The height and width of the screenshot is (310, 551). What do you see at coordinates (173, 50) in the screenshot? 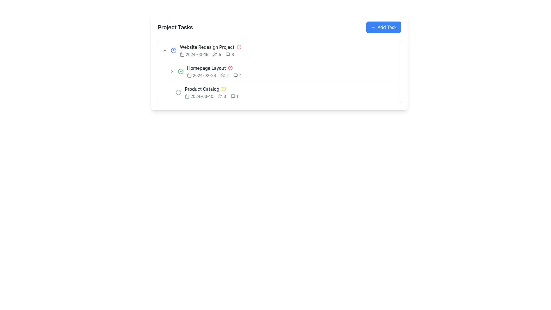
I see `the blue clock icon with a circular outline located next to the title text in the 'Website Redesign Project' row` at bounding box center [173, 50].